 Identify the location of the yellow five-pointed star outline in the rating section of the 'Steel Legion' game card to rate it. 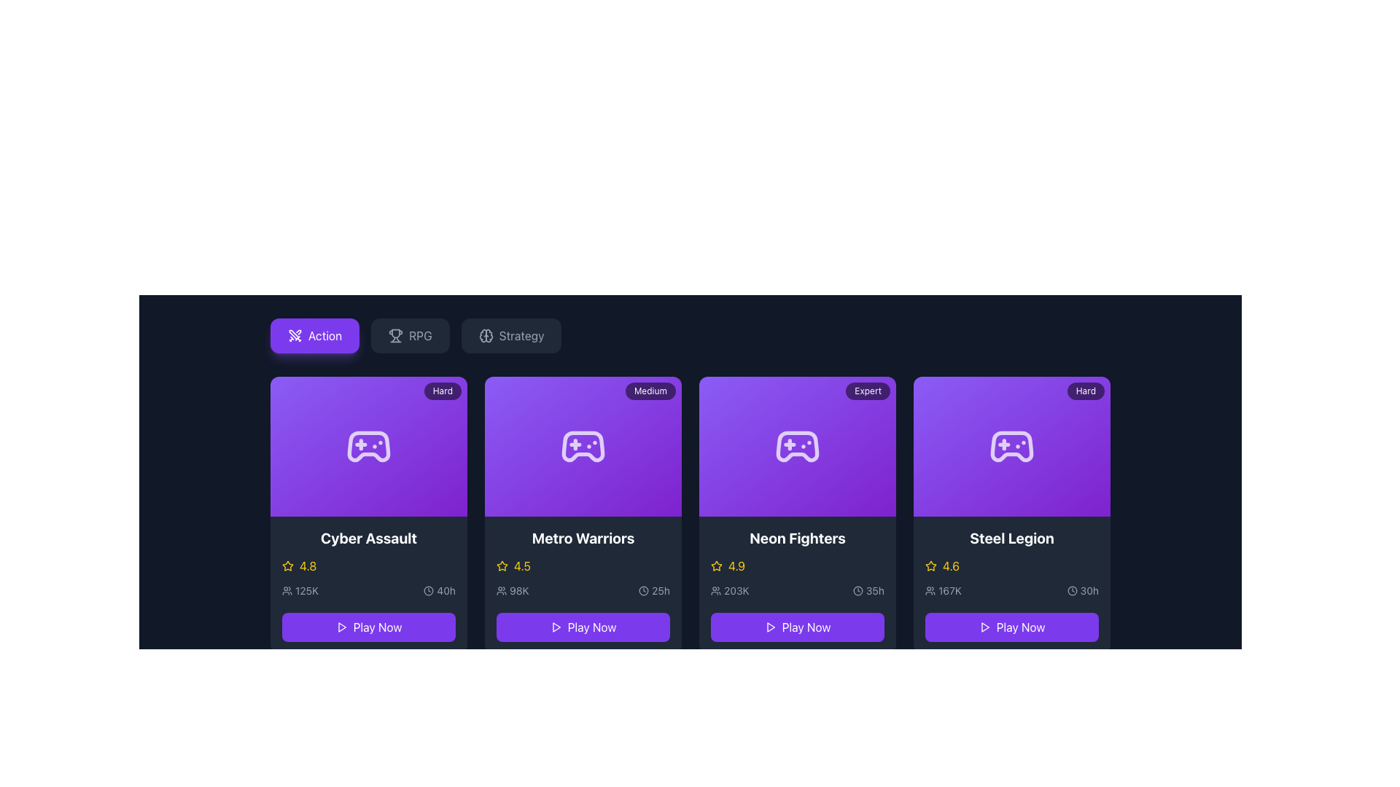
(930, 564).